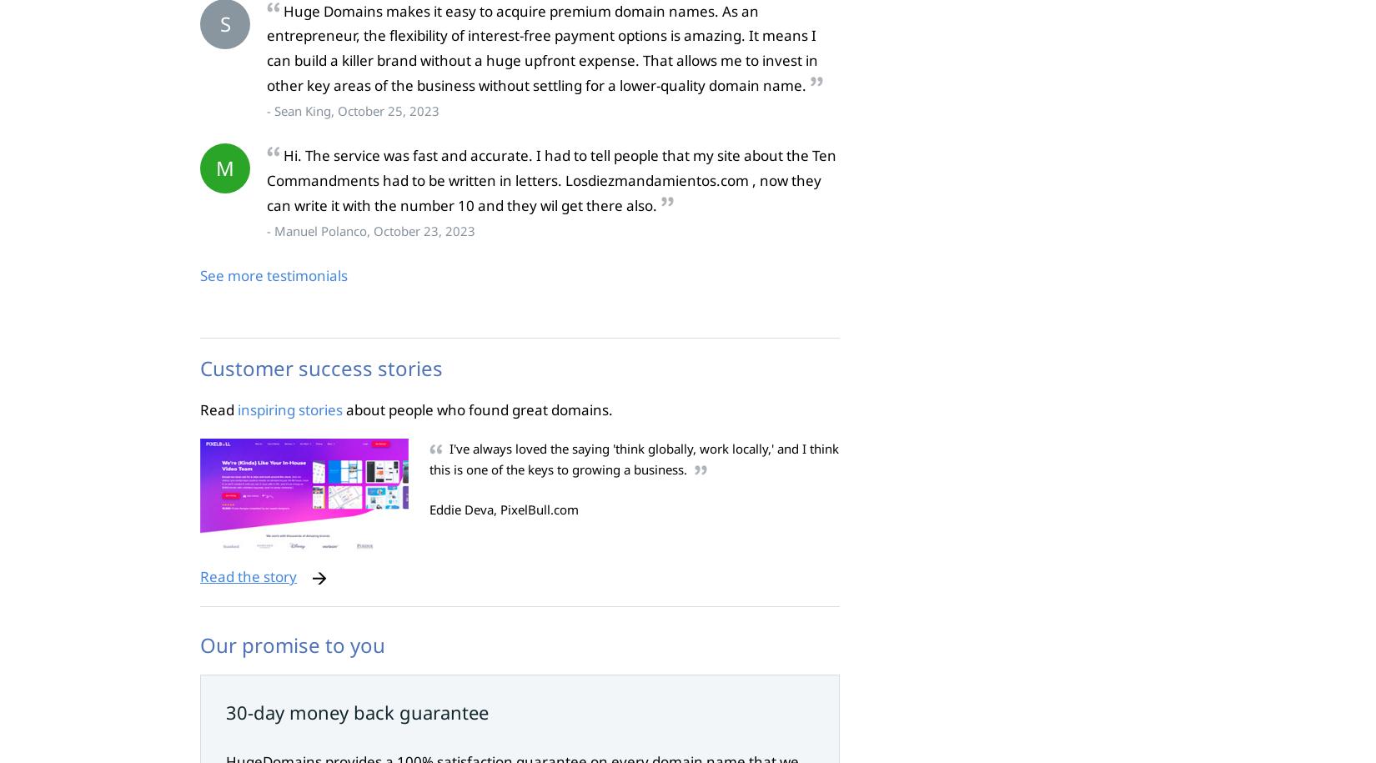  What do you see at coordinates (370, 228) in the screenshot?
I see `'- Manuel Polanco, October 23, 2023'` at bounding box center [370, 228].